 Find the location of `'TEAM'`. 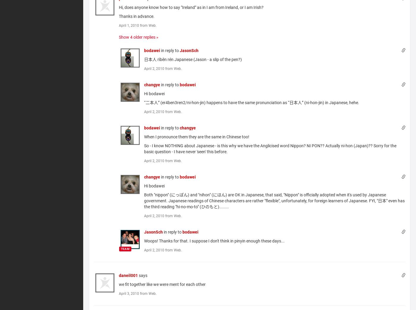

'TEAM' is located at coordinates (125, 248).